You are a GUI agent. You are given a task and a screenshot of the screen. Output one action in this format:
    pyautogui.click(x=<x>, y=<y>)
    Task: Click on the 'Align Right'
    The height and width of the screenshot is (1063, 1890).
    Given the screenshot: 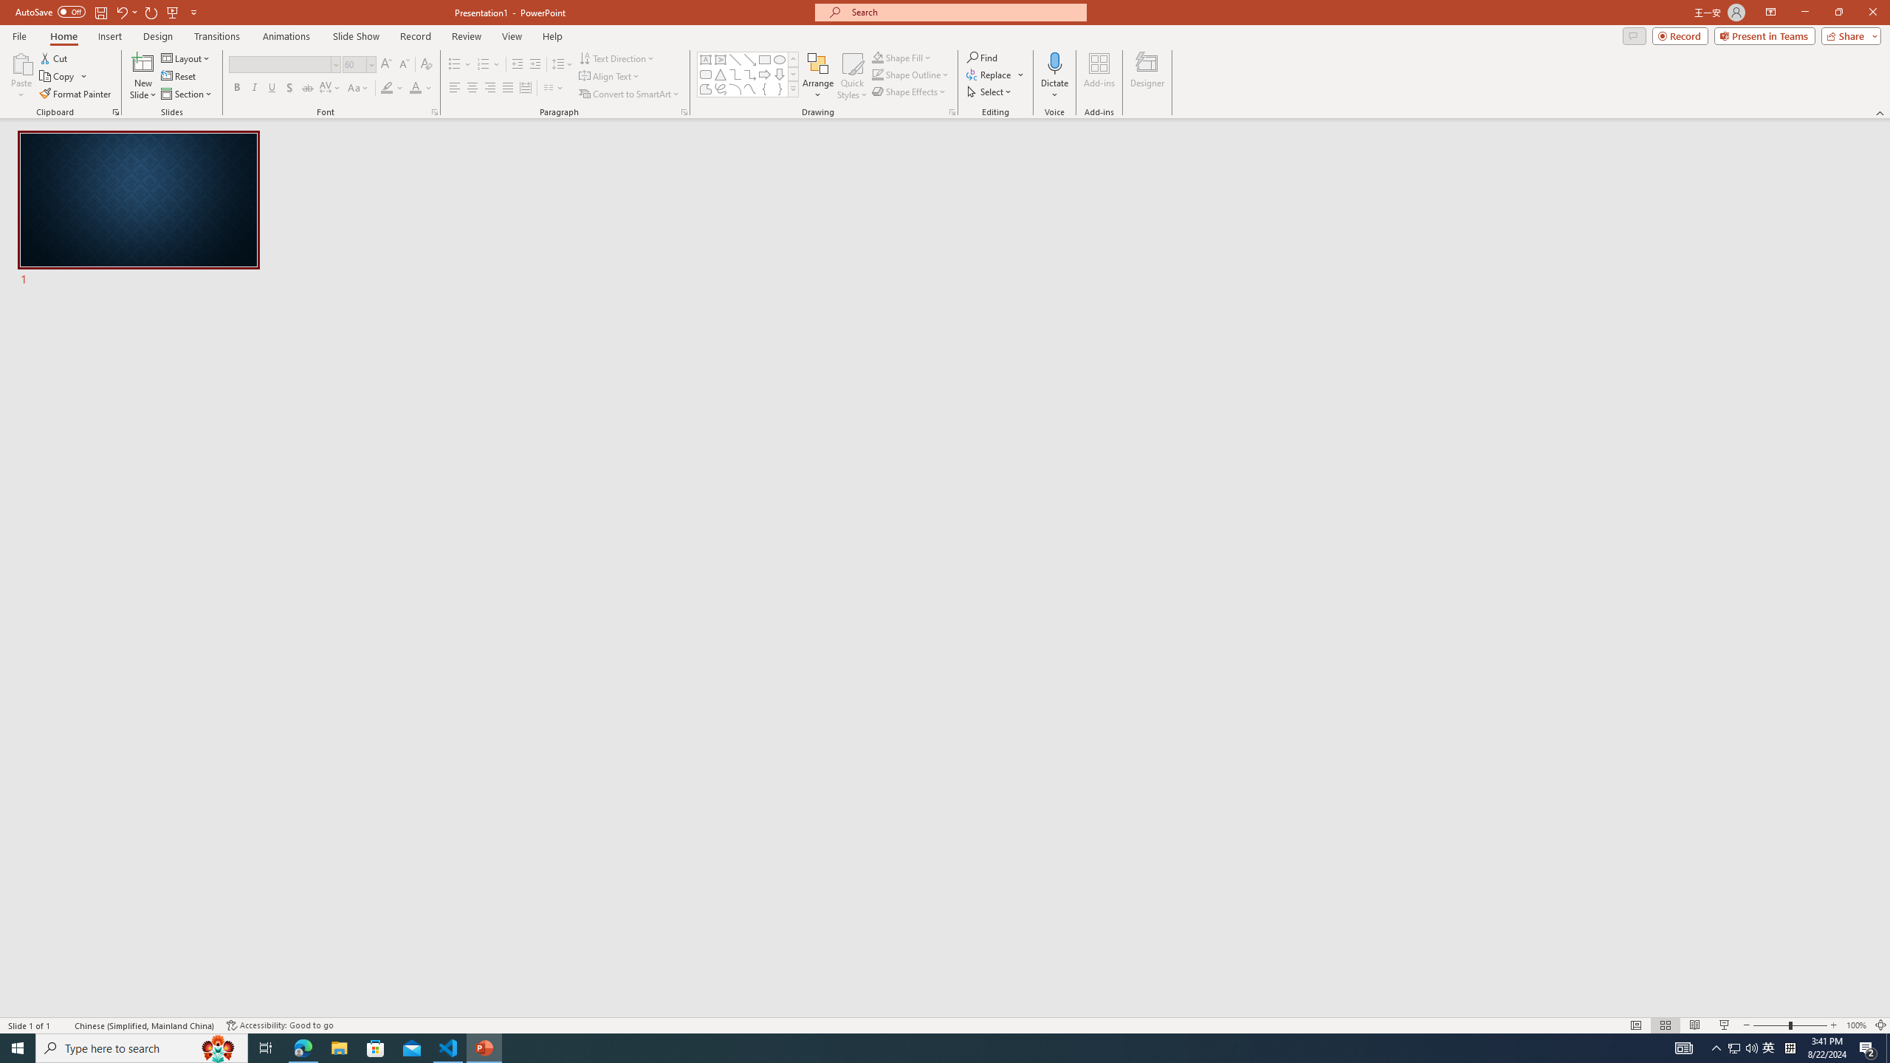 What is the action you would take?
    pyautogui.click(x=490, y=87)
    